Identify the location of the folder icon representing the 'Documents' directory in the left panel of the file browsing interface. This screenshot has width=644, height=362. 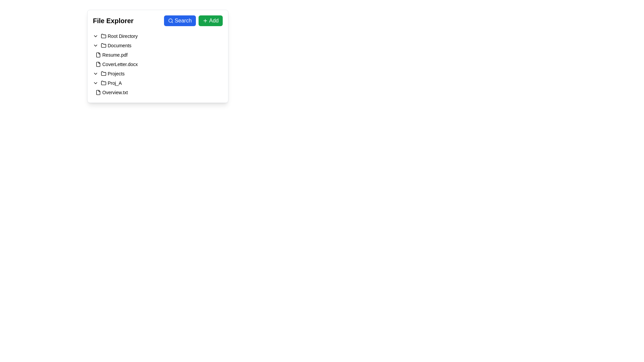
(103, 45).